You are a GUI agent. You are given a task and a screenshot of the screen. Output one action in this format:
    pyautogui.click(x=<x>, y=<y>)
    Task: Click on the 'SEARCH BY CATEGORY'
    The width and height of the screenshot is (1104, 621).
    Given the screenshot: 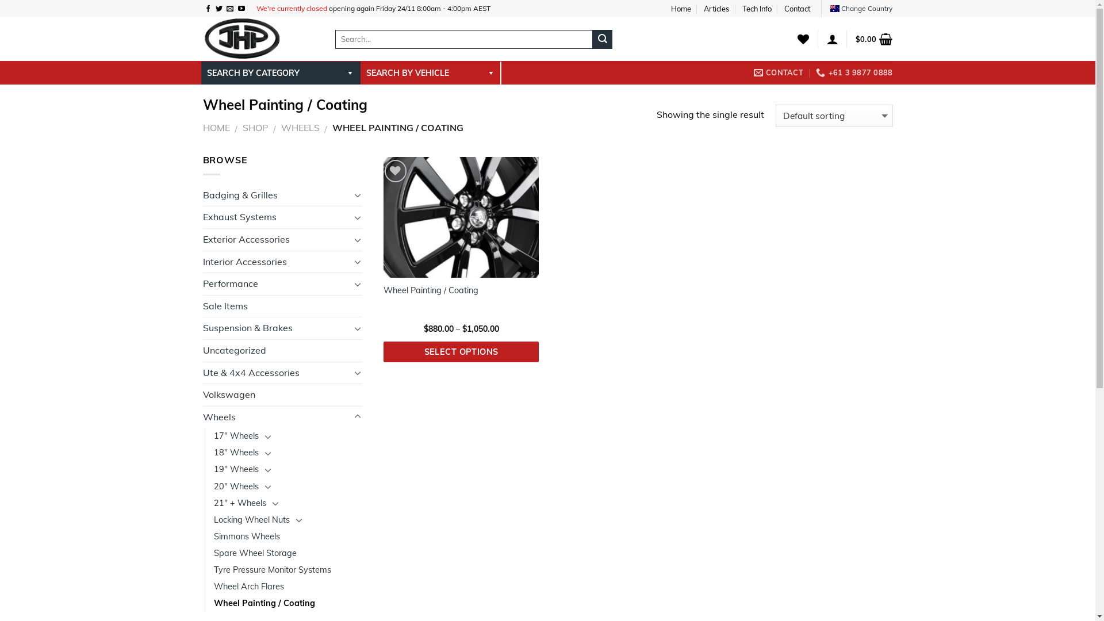 What is the action you would take?
    pyautogui.click(x=281, y=73)
    